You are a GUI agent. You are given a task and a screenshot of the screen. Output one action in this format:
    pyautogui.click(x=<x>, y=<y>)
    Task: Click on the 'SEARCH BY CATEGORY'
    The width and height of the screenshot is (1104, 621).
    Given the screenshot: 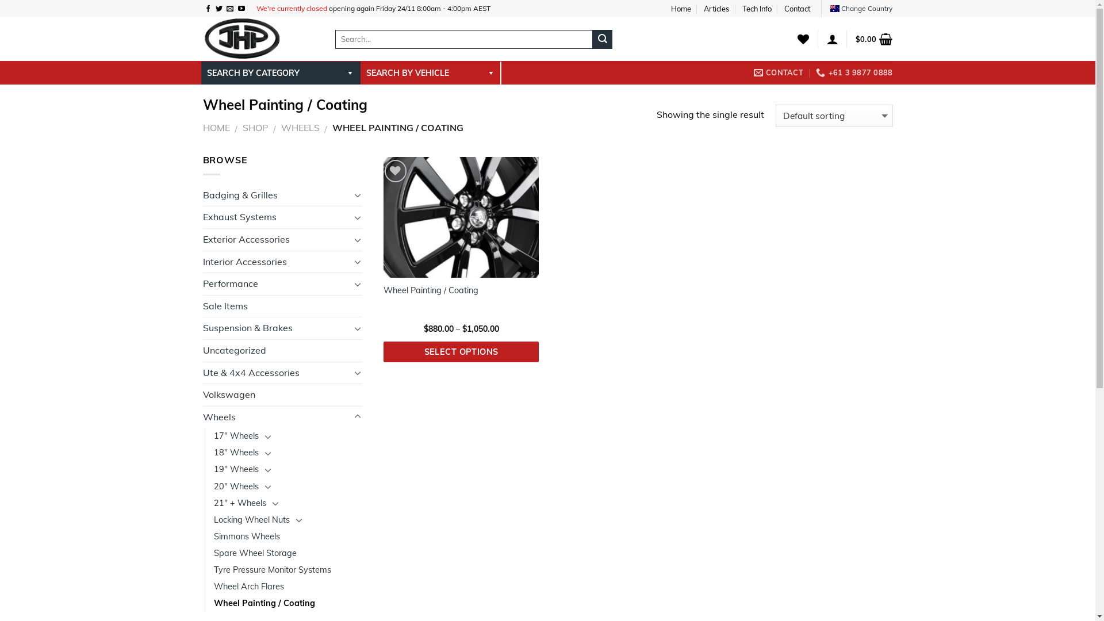 What is the action you would take?
    pyautogui.click(x=281, y=73)
    